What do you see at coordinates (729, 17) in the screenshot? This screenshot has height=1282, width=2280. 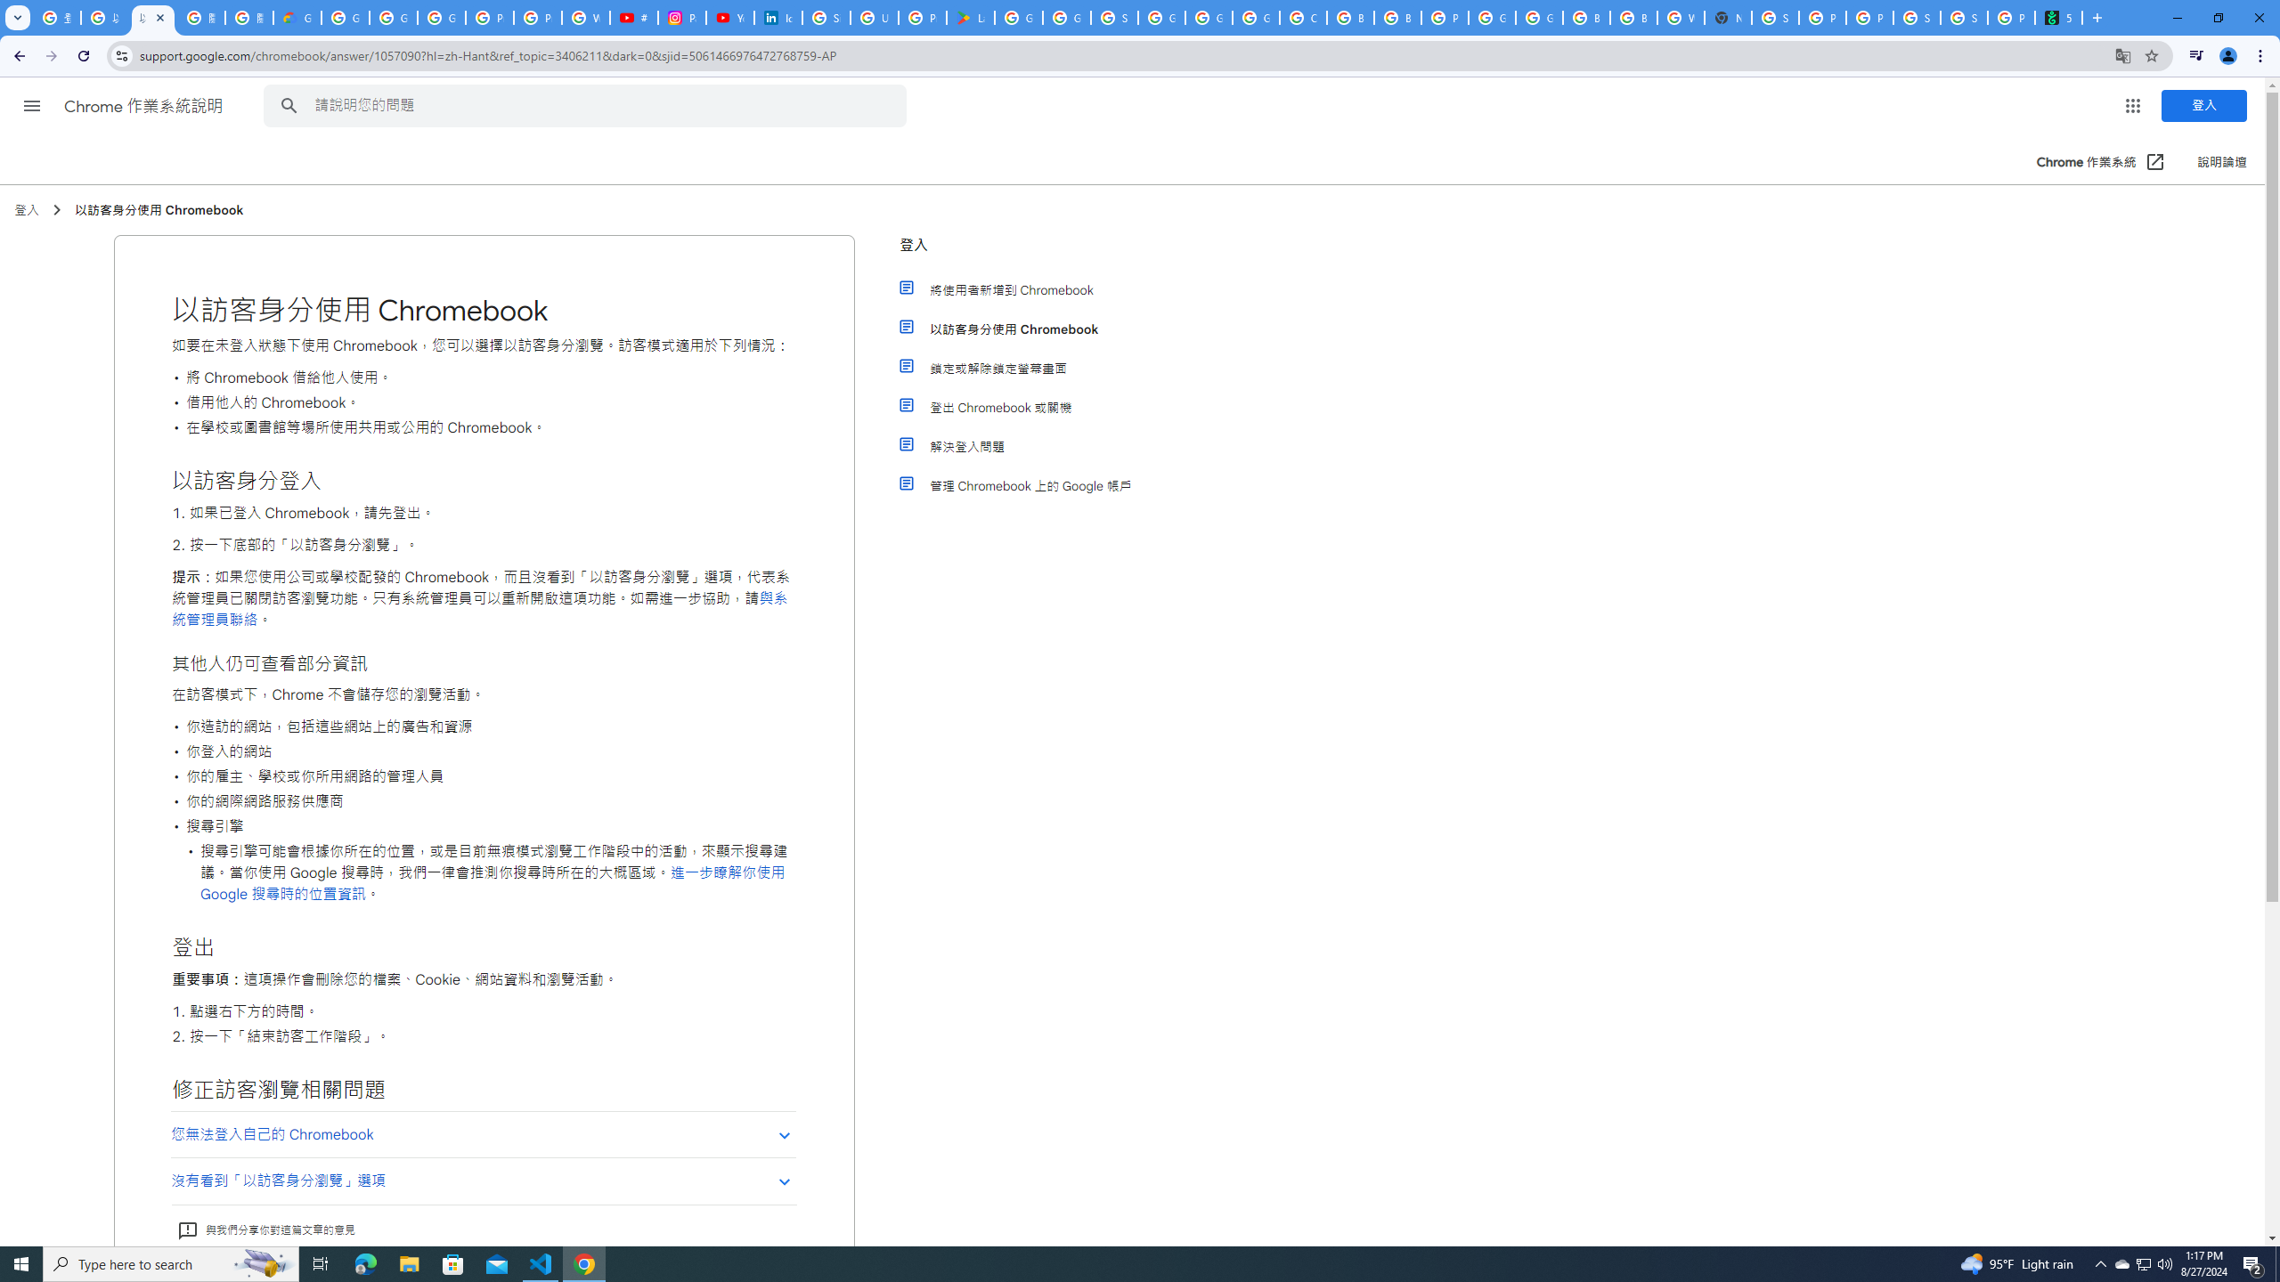 I see `'YouTube Culture & Trends - On The Rise: Handcam Videos'` at bounding box center [729, 17].